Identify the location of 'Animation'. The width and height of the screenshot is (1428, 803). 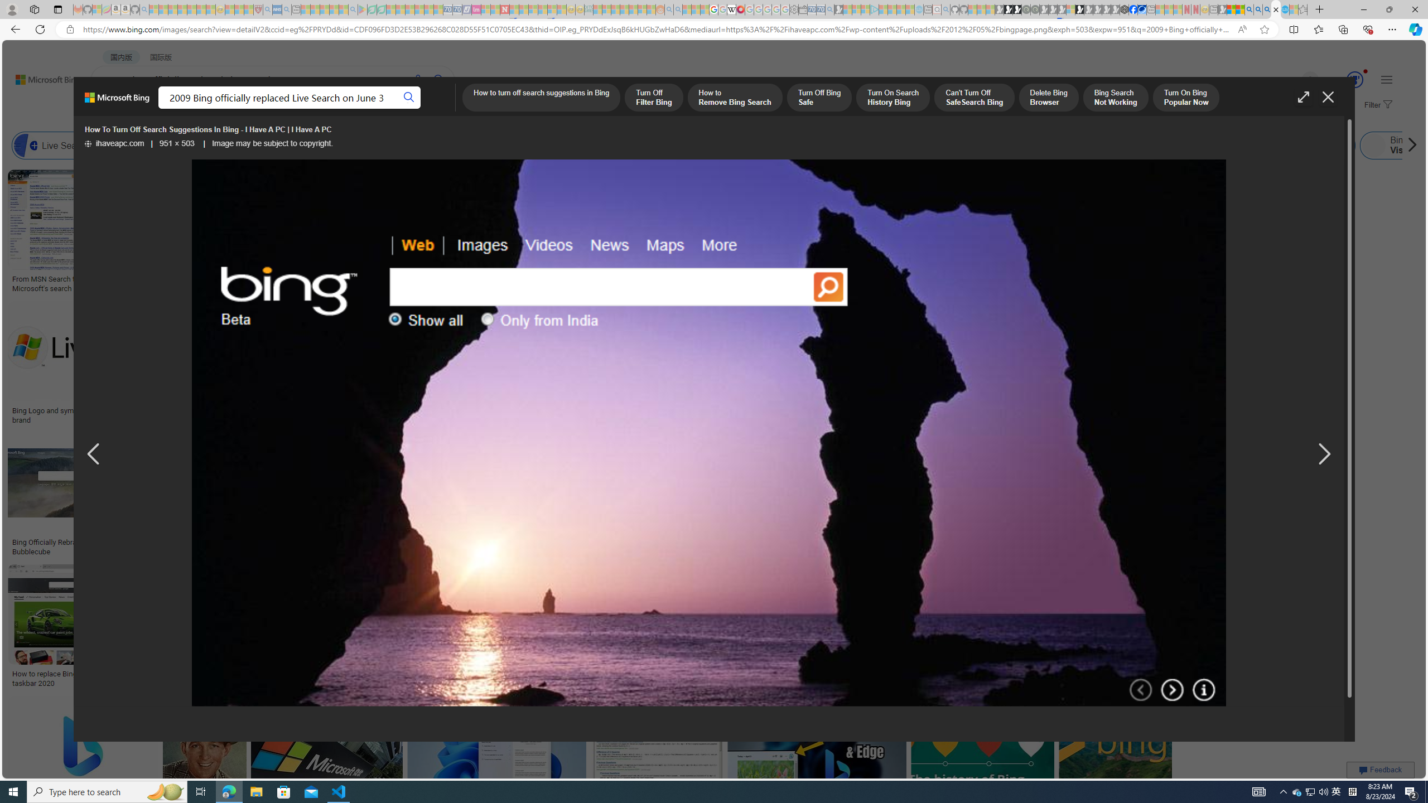
(1365, 71).